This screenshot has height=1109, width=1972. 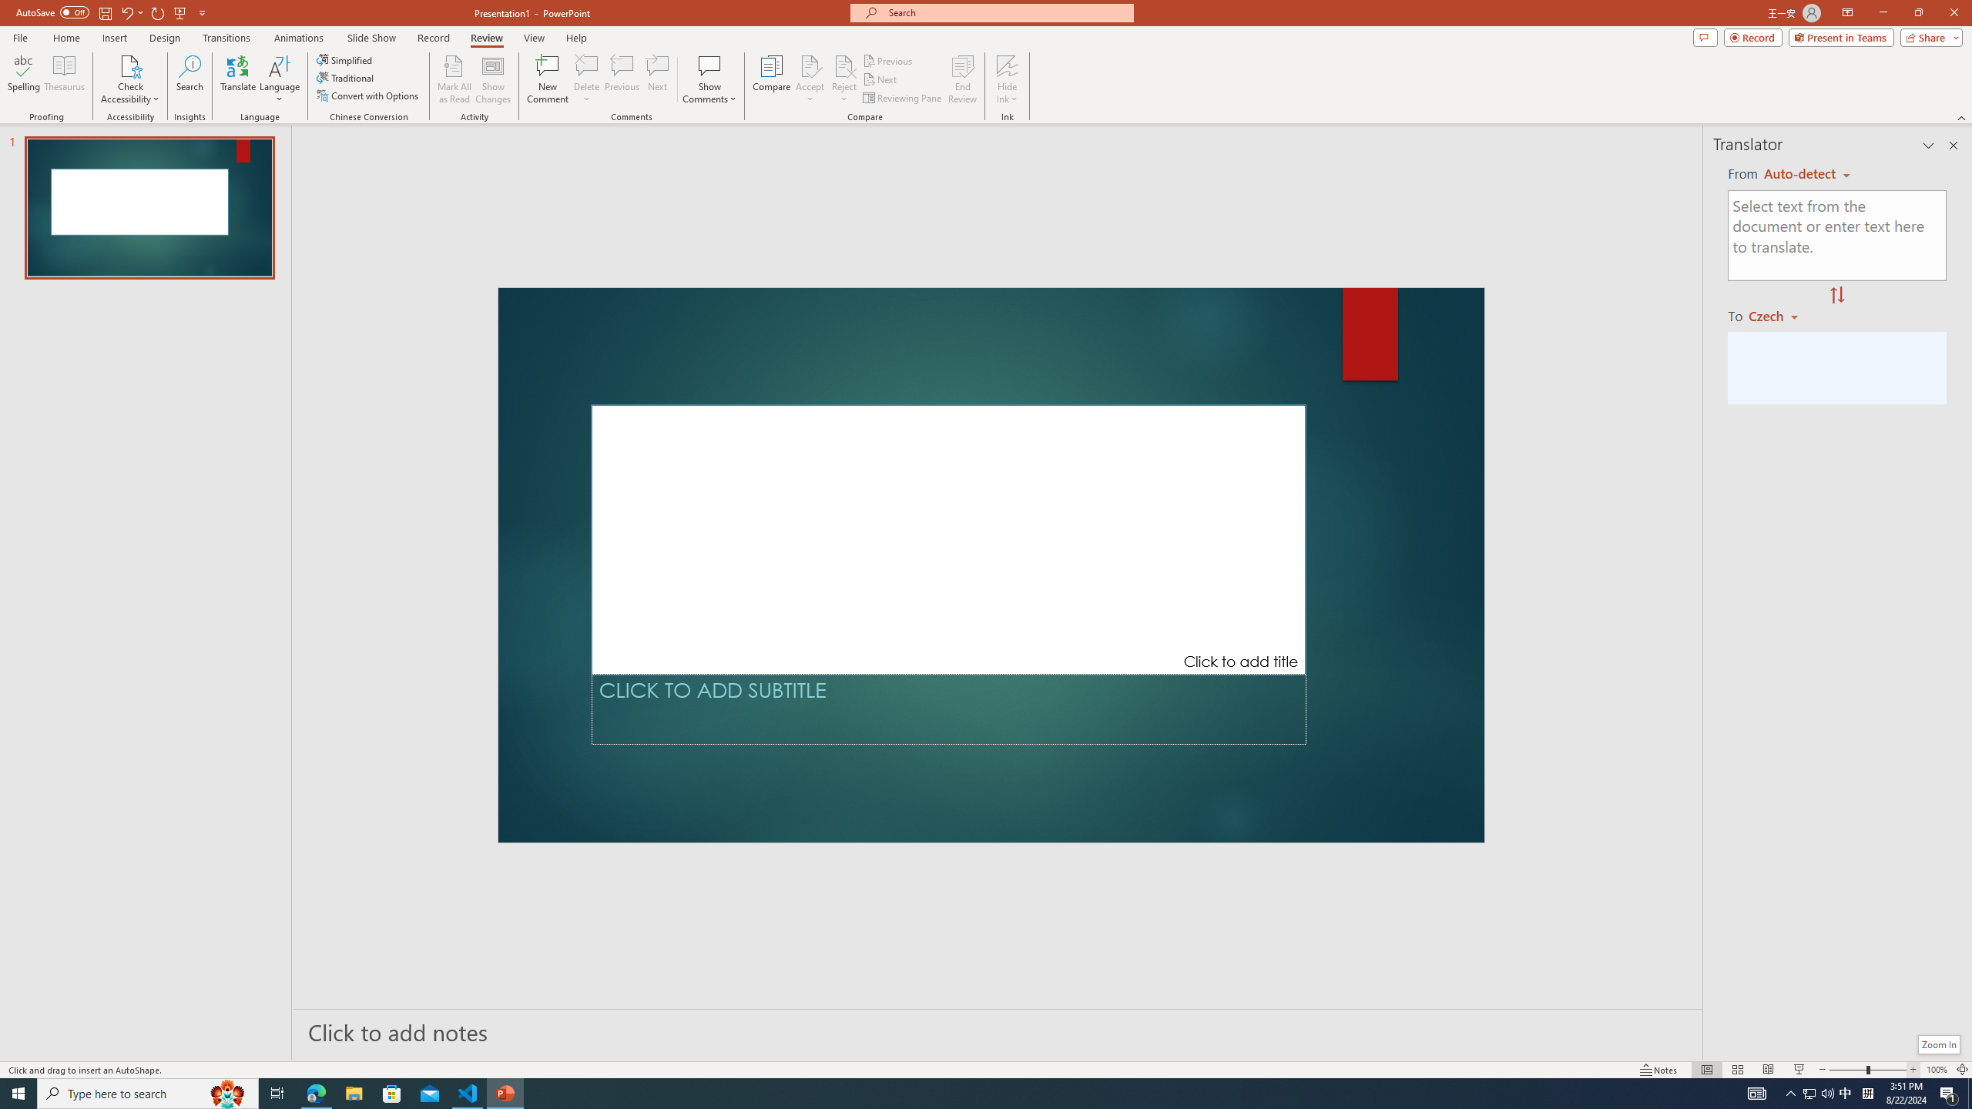 I want to click on 'Transitions', so click(x=226, y=38).